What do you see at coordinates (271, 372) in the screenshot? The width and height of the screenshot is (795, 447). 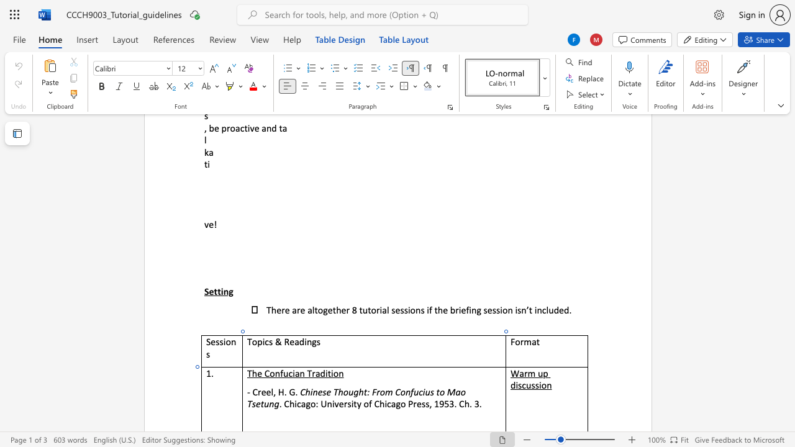 I see `the 1th character "o" in the text` at bounding box center [271, 372].